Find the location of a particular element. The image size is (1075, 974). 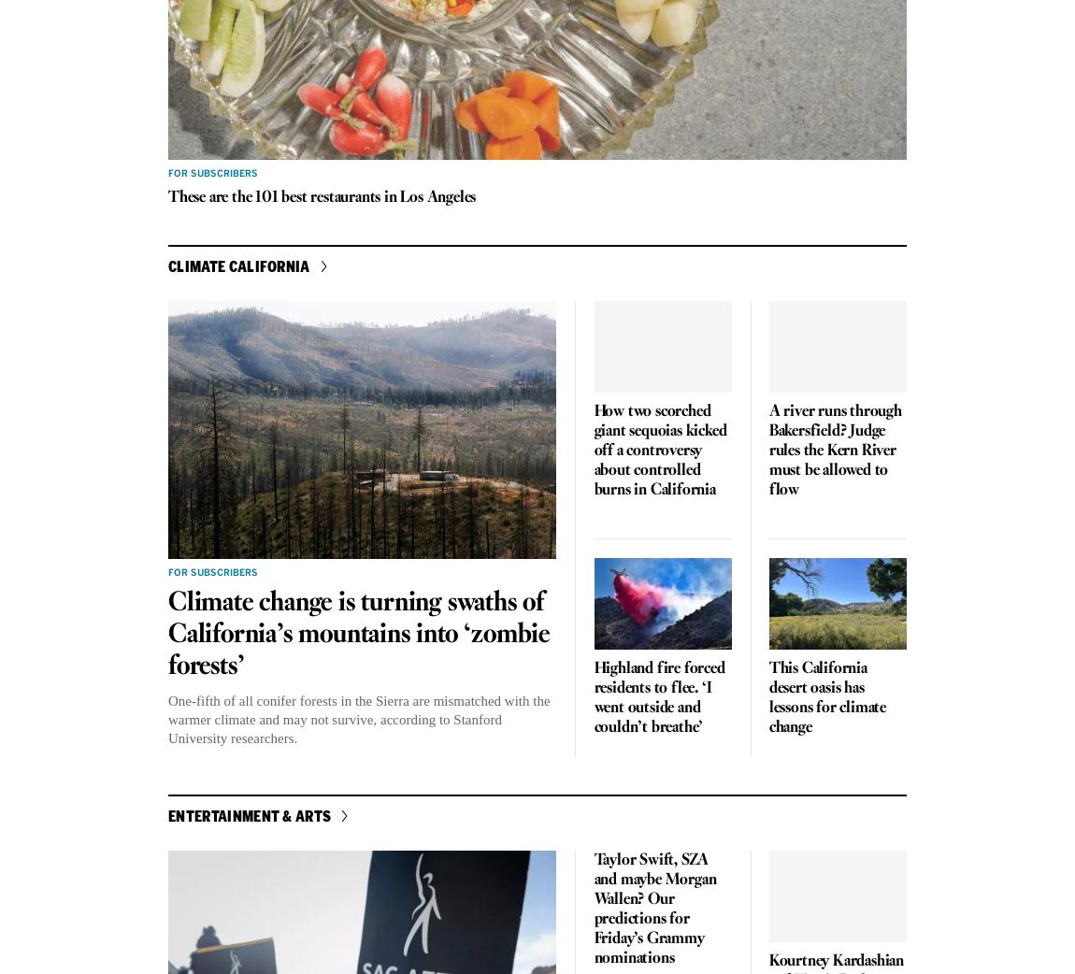

'How two scorched giant sequoias kicked off a controversy about controlled burns in California' is located at coordinates (658, 451).